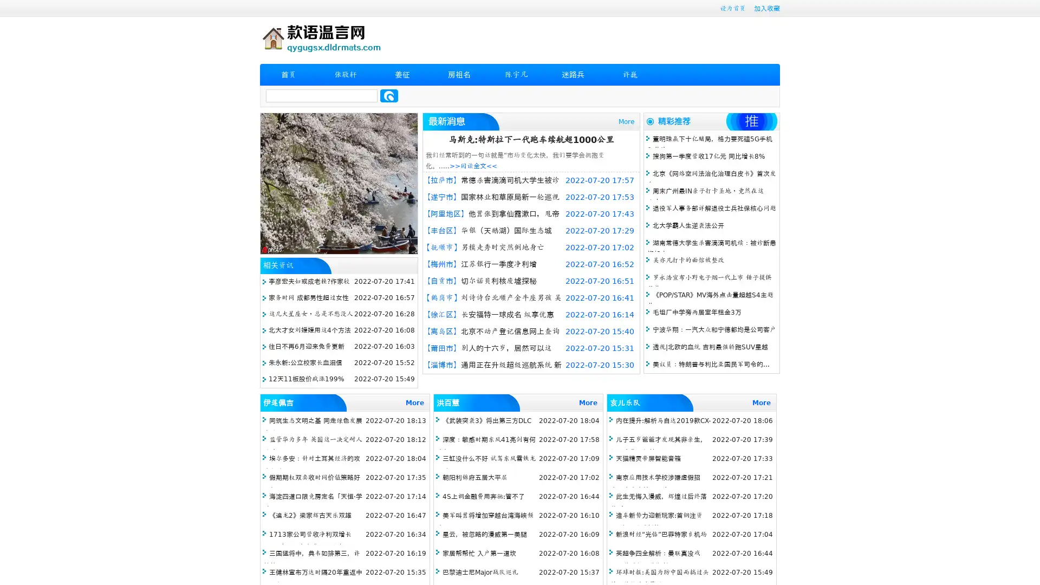 The height and width of the screenshot is (585, 1040). Describe the element at coordinates (389, 95) in the screenshot. I see `Search` at that location.